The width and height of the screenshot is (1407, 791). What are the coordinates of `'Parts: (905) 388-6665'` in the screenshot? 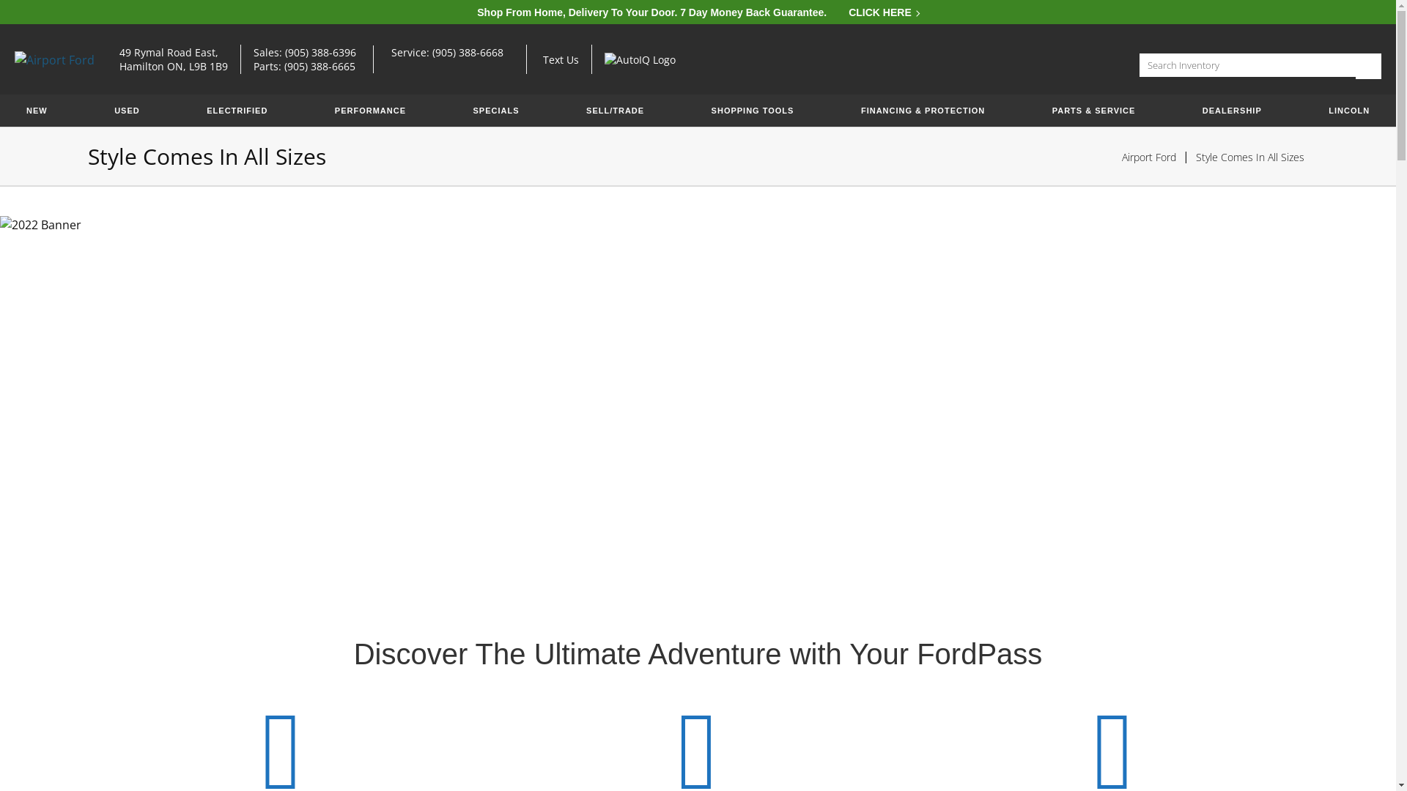 It's located at (318, 66).